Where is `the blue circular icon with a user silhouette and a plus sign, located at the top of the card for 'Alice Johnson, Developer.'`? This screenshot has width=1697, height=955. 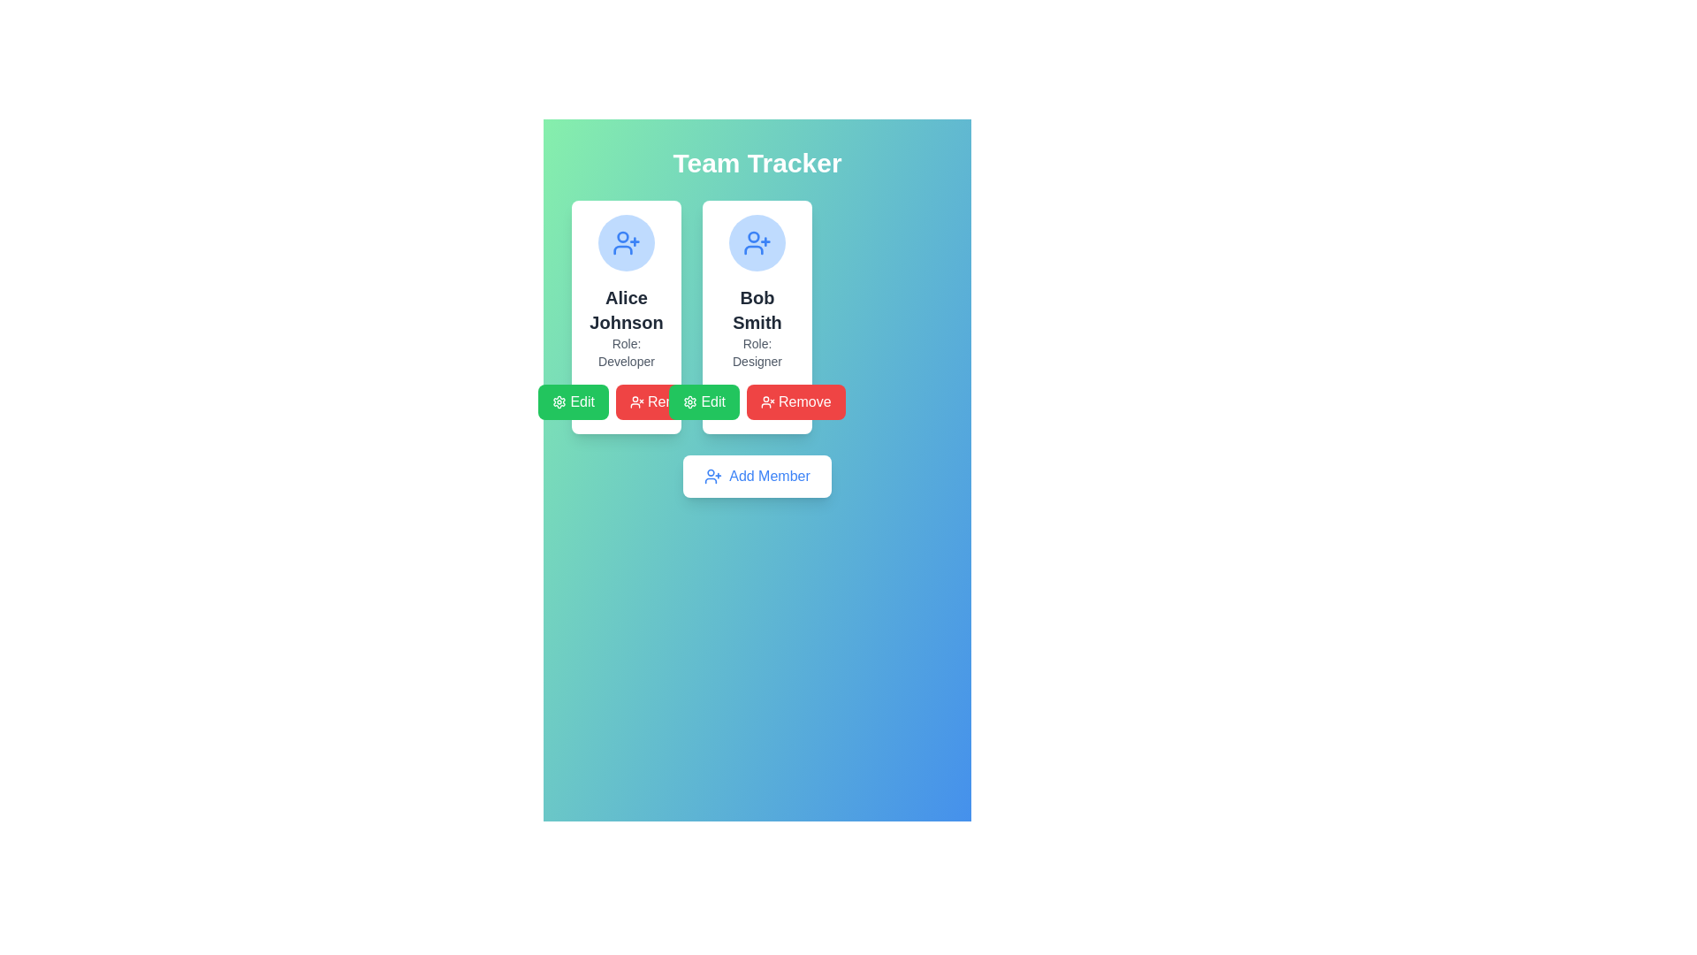 the blue circular icon with a user silhouette and a plus sign, located at the top of the card for 'Alice Johnson, Developer.' is located at coordinates (627, 242).